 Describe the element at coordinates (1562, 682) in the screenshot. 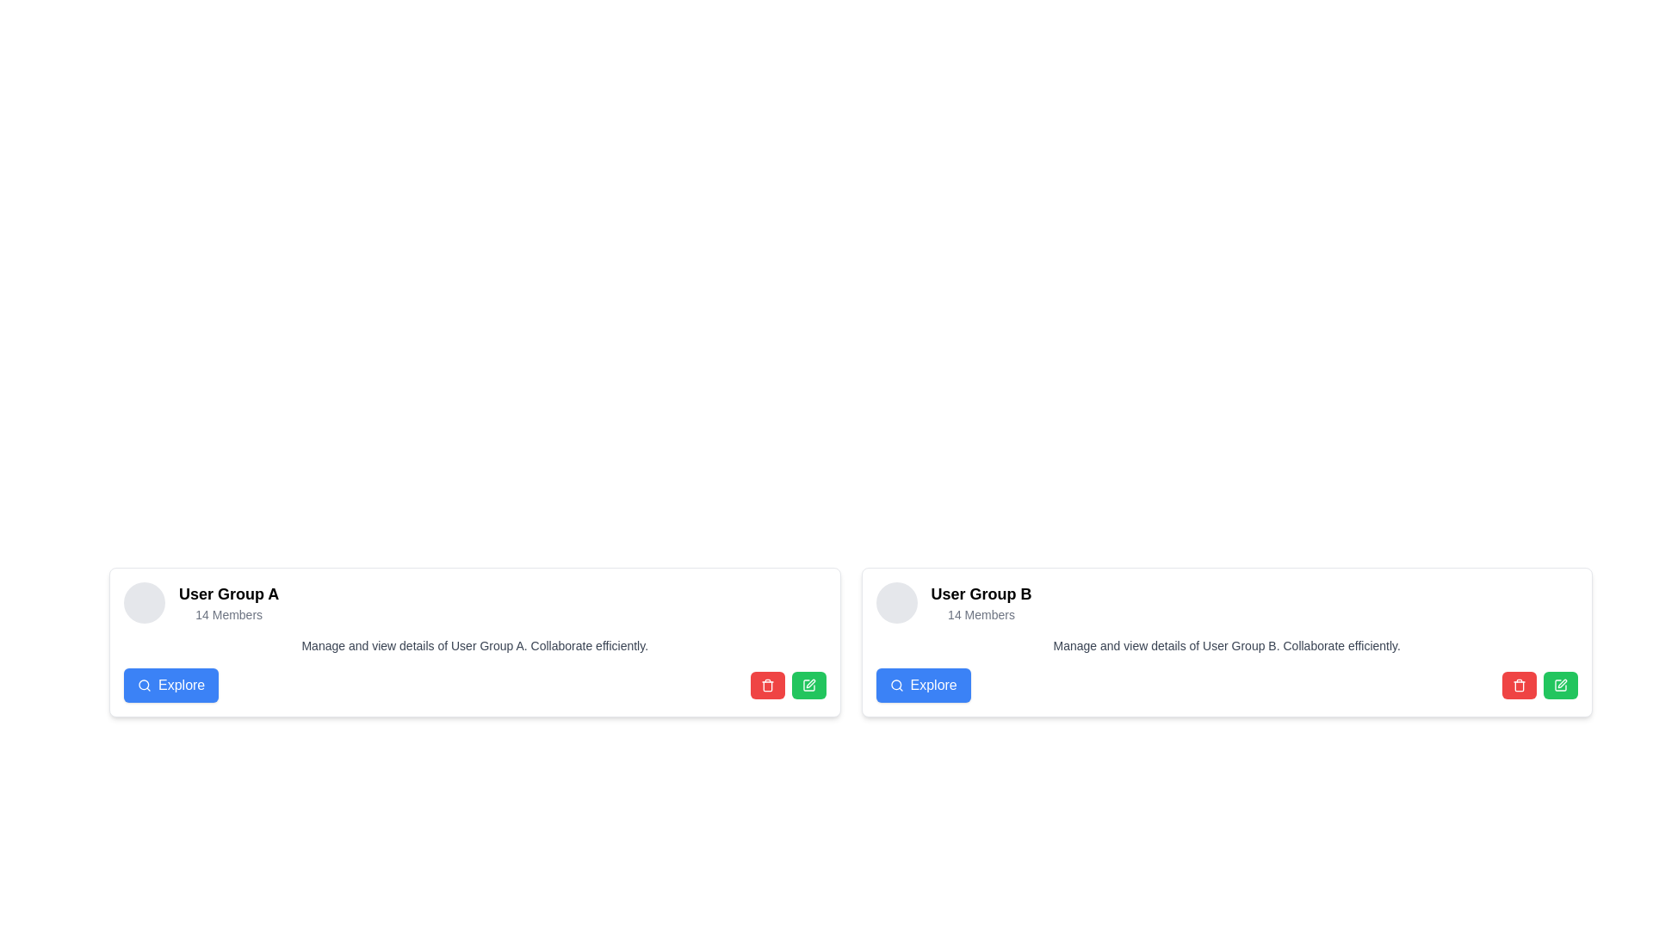

I see `the graphical icon located in the lower right corner of the 'User Group B' card` at that location.